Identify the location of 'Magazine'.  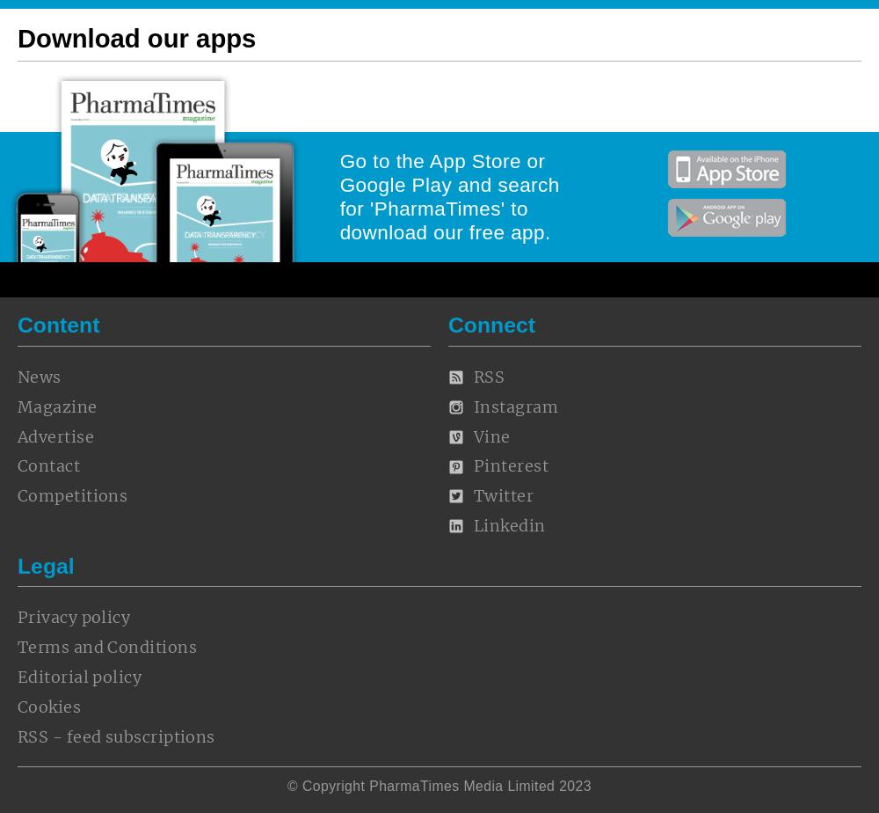
(56, 406).